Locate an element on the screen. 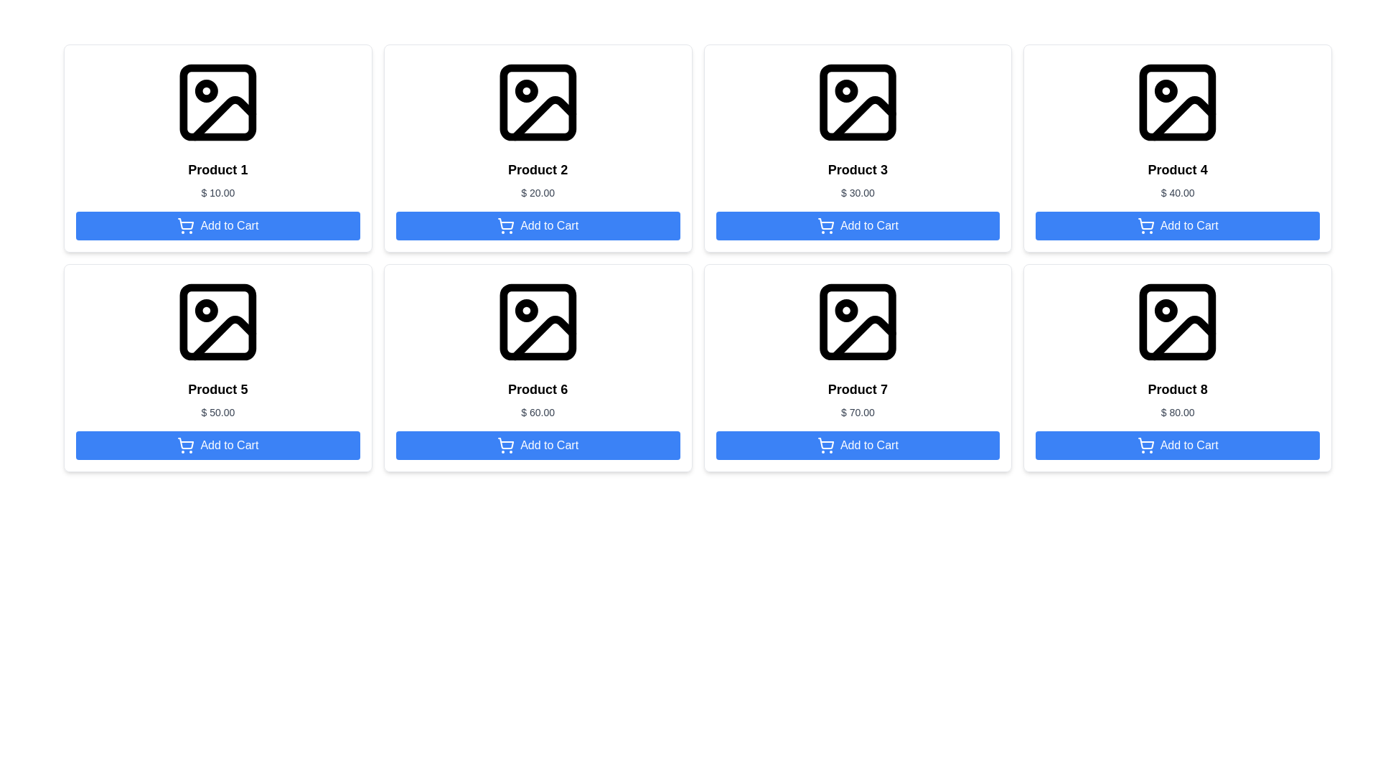  the price text label for 'Product 2', which is located below the product title and above the 'Add to Cart' button is located at coordinates (537, 192).